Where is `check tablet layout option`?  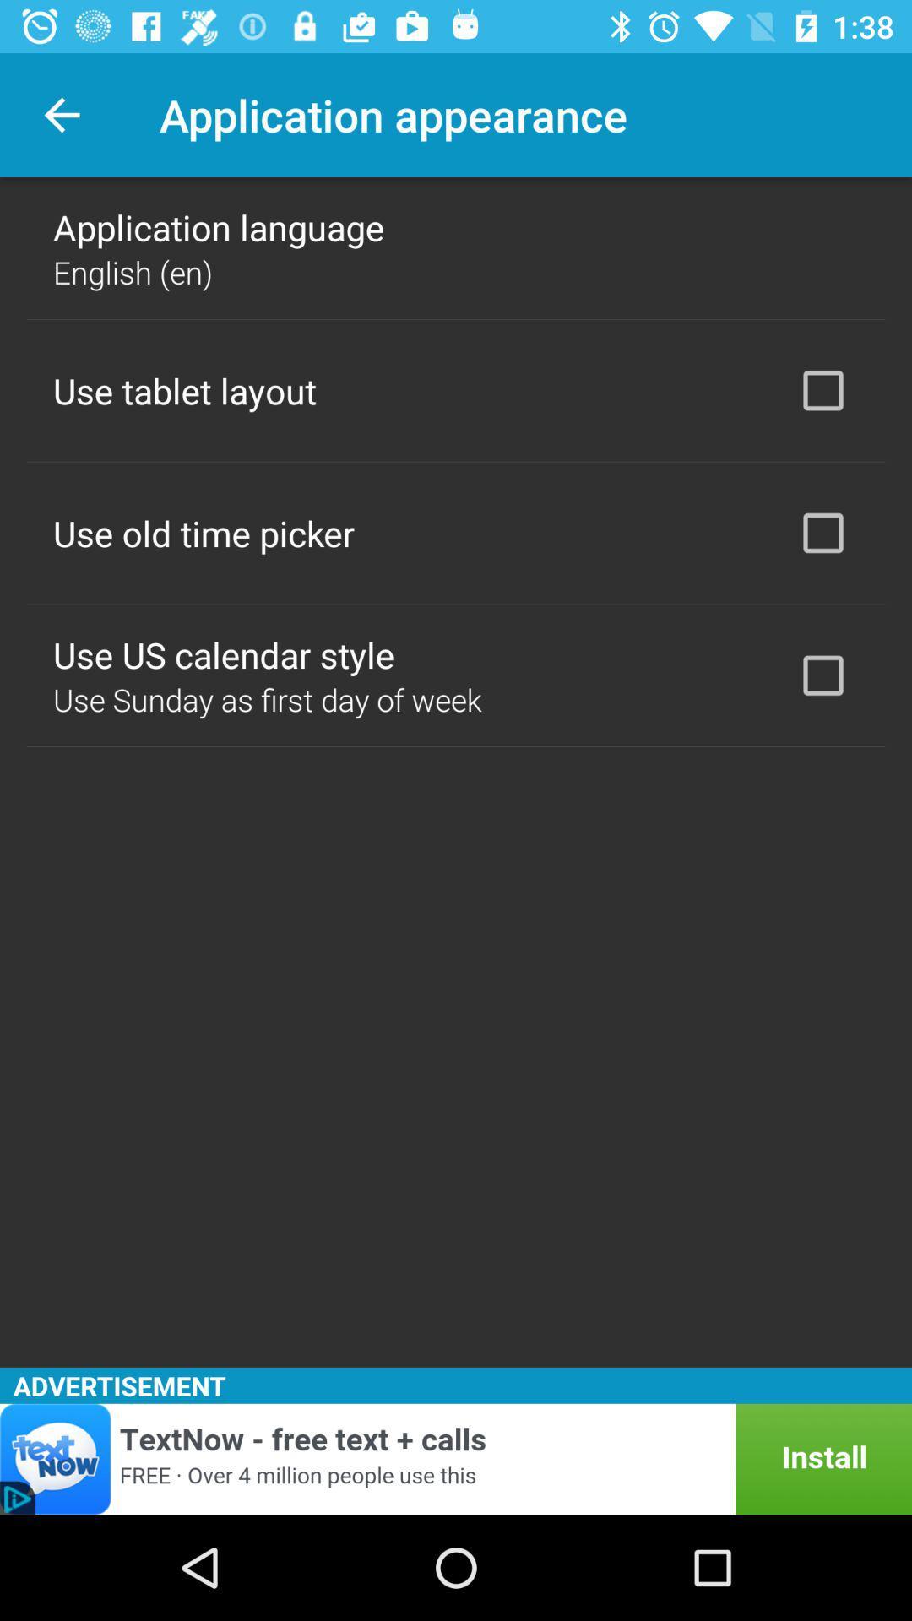
check tablet layout option is located at coordinates (822, 389).